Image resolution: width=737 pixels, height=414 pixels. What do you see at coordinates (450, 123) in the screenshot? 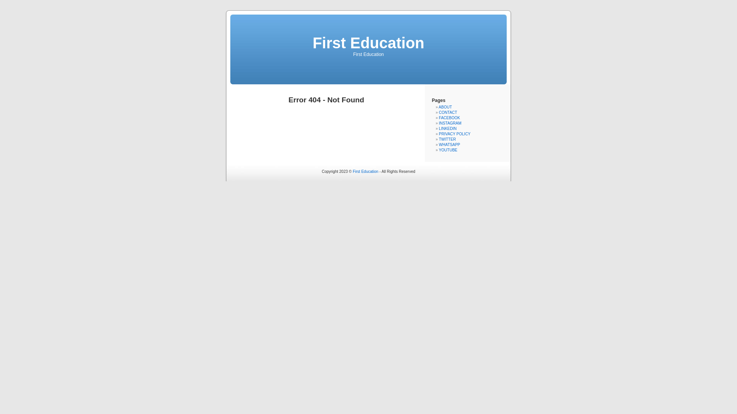
I see `'INSTAGRAM'` at bounding box center [450, 123].